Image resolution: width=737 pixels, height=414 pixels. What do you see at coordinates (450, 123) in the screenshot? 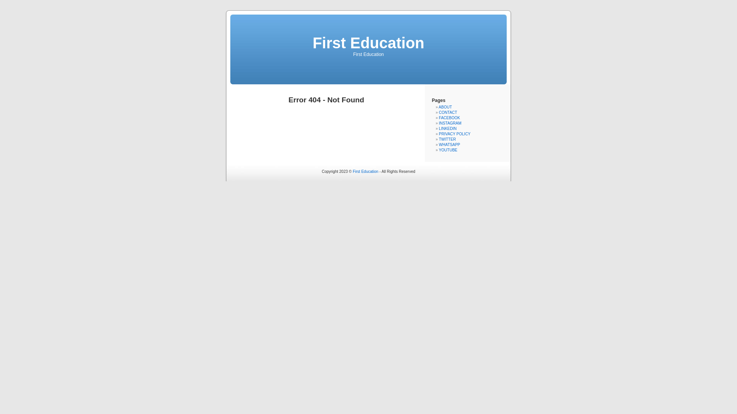
I see `'INSTAGRAM'` at bounding box center [450, 123].